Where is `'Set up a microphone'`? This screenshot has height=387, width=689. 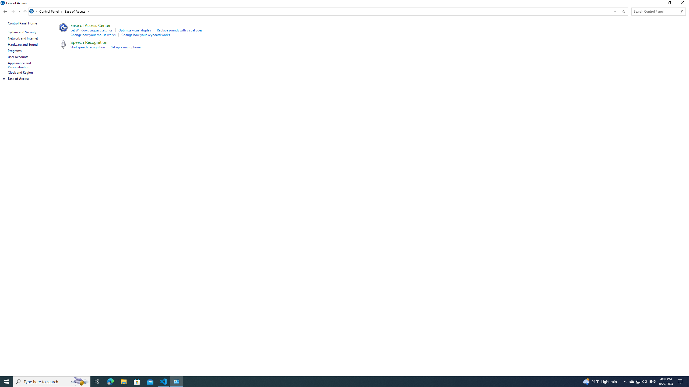
'Set up a microphone' is located at coordinates (125, 47).